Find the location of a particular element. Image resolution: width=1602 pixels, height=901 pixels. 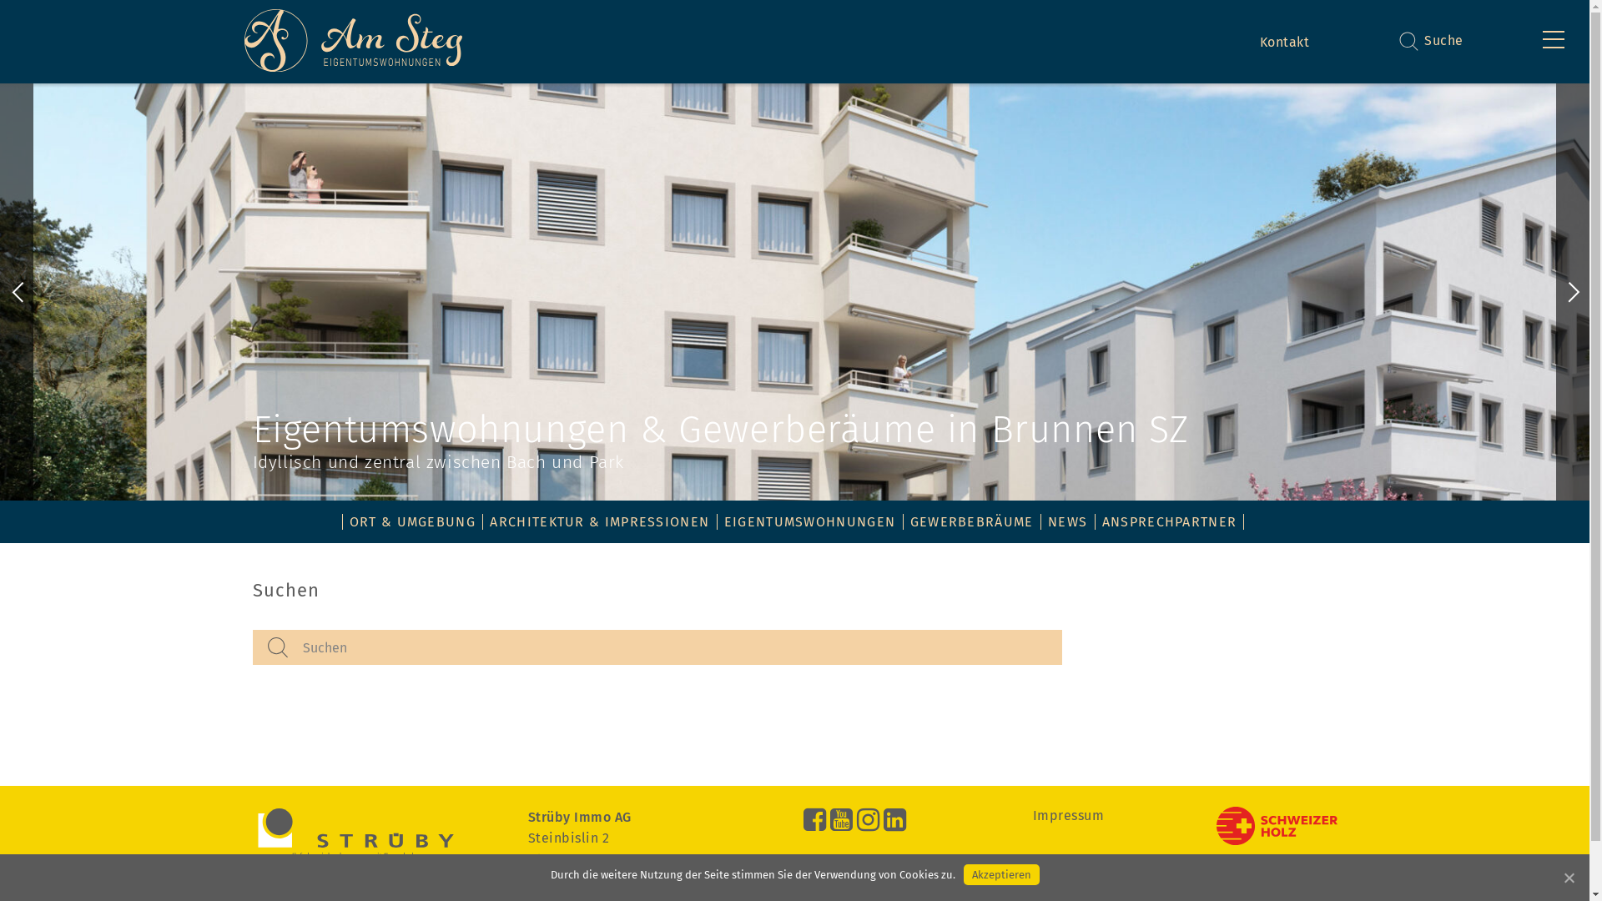

'ARCHITEKTUR & IMPRESSIONEN' is located at coordinates (599, 521).